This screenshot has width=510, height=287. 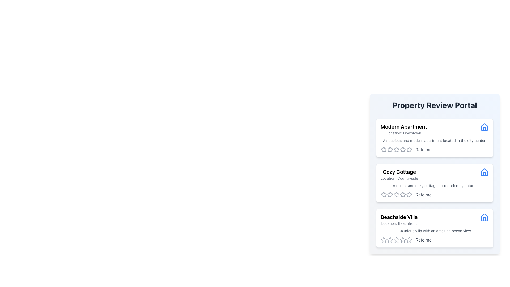 What do you see at coordinates (384, 195) in the screenshot?
I see `the first rating star icon in the series of five under the 'Cozy Cottage' property in the 'Property Review Portal' to update the rating score` at bounding box center [384, 195].